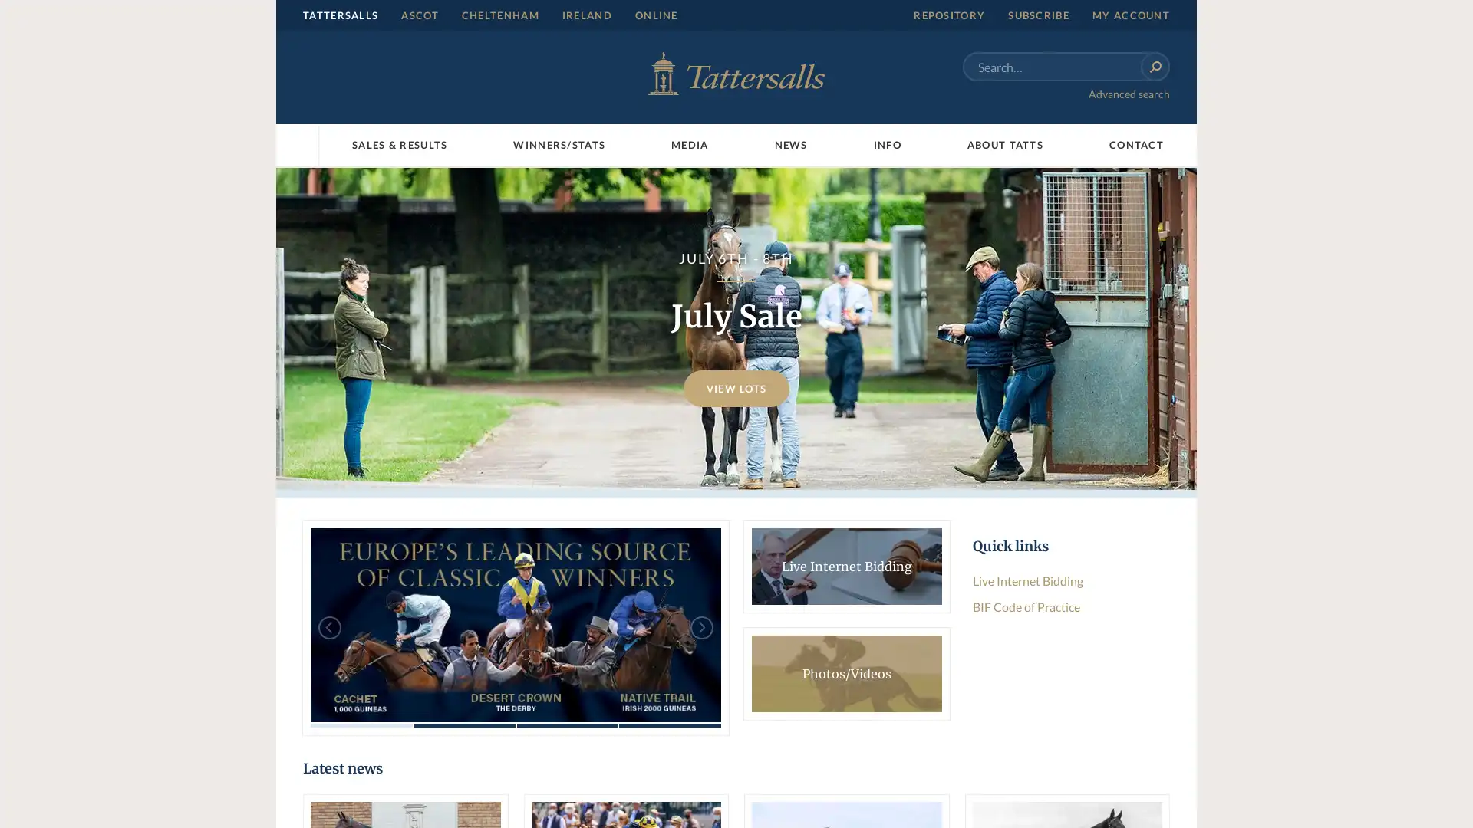 The image size is (1473, 828). I want to click on Search, so click(1155, 66).